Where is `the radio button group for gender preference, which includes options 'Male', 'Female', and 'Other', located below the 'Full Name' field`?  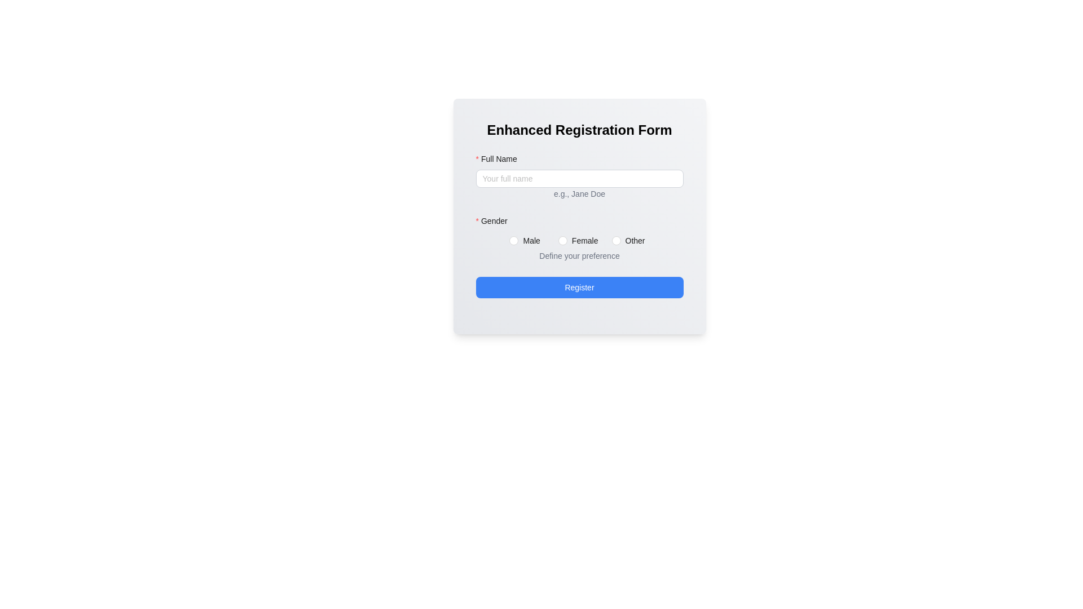
the radio button group for gender preference, which includes options 'Male', 'Female', and 'Other', located below the 'Full Name' field is located at coordinates (579, 239).